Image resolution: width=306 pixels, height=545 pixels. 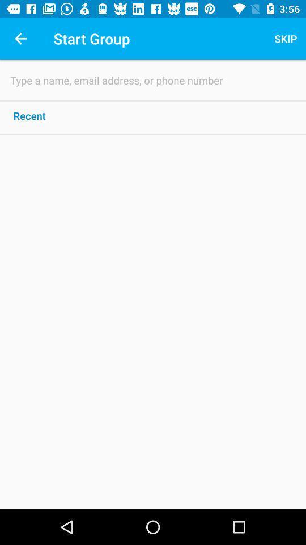 What do you see at coordinates (20, 39) in the screenshot?
I see `app to the left of start group app` at bounding box center [20, 39].